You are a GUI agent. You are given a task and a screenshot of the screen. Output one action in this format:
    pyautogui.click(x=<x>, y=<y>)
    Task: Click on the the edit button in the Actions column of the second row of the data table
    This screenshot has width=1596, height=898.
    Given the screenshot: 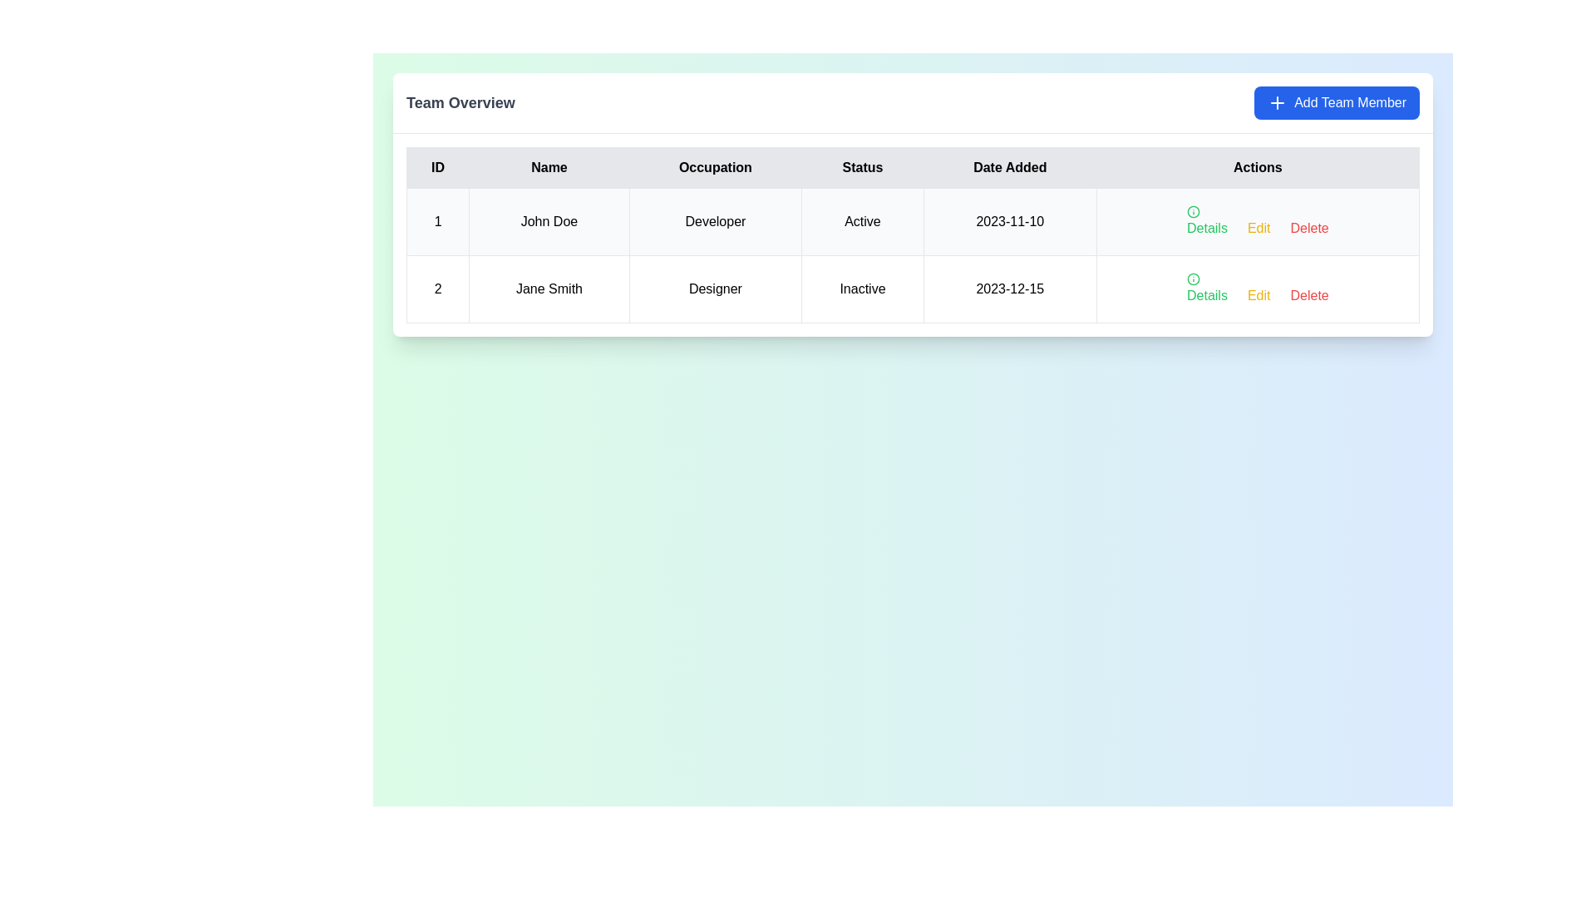 What is the action you would take?
    pyautogui.click(x=1259, y=294)
    